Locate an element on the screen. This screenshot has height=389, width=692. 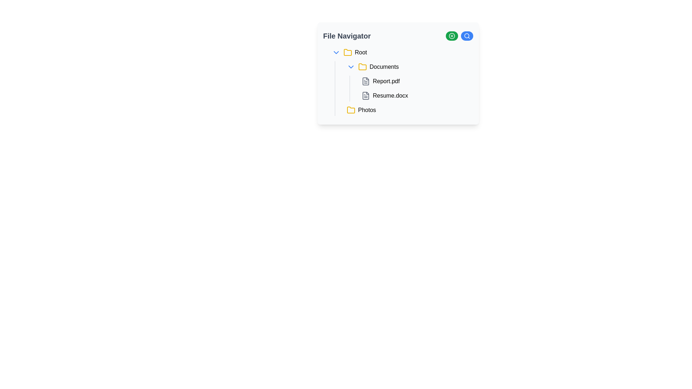
the 'Resume.docx' file name label in the file explorer to trigger a tooltip or highlight is located at coordinates (390, 95).